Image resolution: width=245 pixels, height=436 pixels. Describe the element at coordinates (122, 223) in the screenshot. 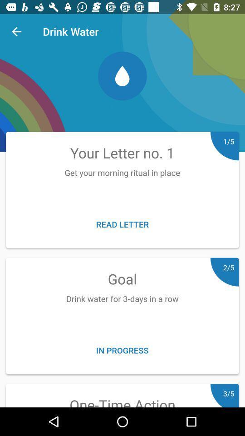

I see `read letter` at that location.